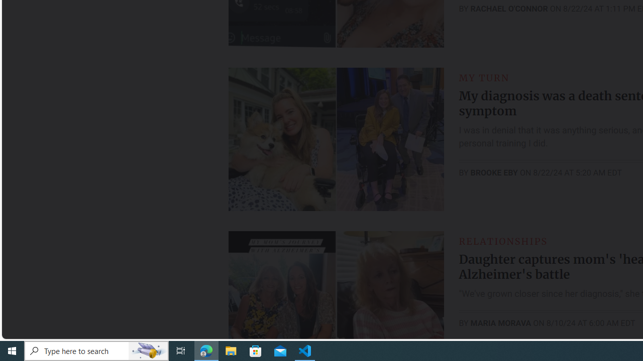 This screenshot has height=361, width=643. Describe the element at coordinates (484, 77) in the screenshot. I see `'MY TURN'` at that location.